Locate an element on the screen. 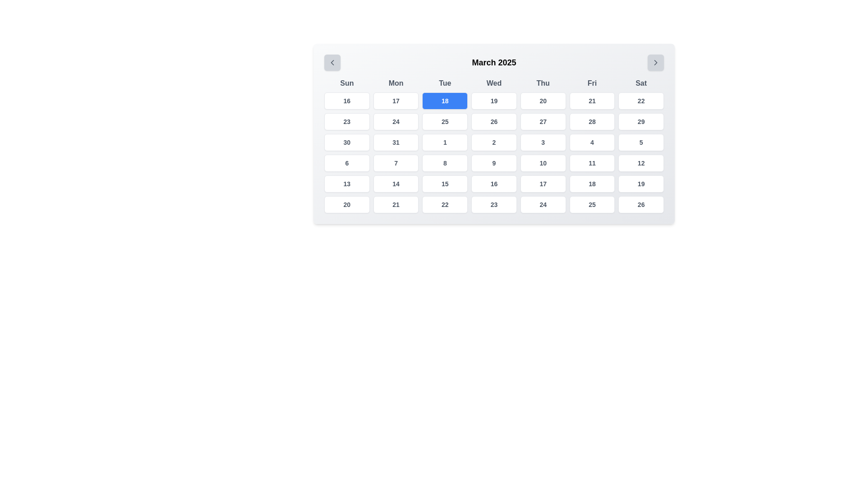 This screenshot has width=866, height=487. the date cell representing the date 20 in the calendar grid under the column labeled 'Sun' is located at coordinates (346, 205).